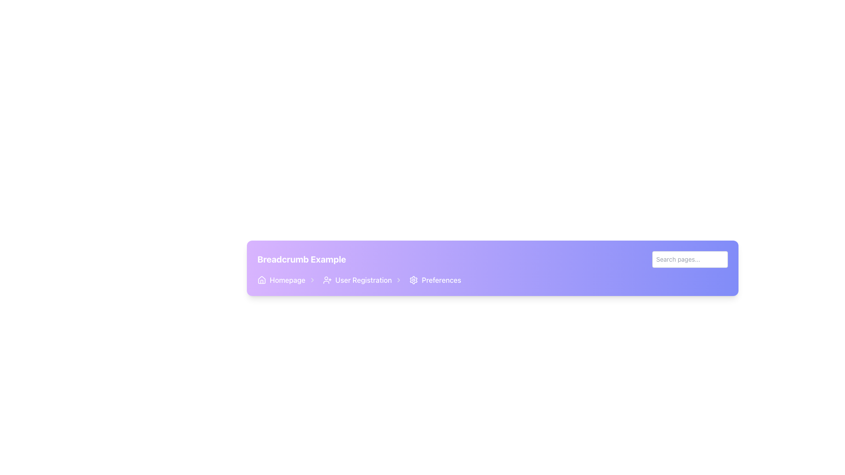 This screenshot has height=475, width=845. I want to click on the user registration icon located to the left of the 'User Registration' text, so click(327, 280).